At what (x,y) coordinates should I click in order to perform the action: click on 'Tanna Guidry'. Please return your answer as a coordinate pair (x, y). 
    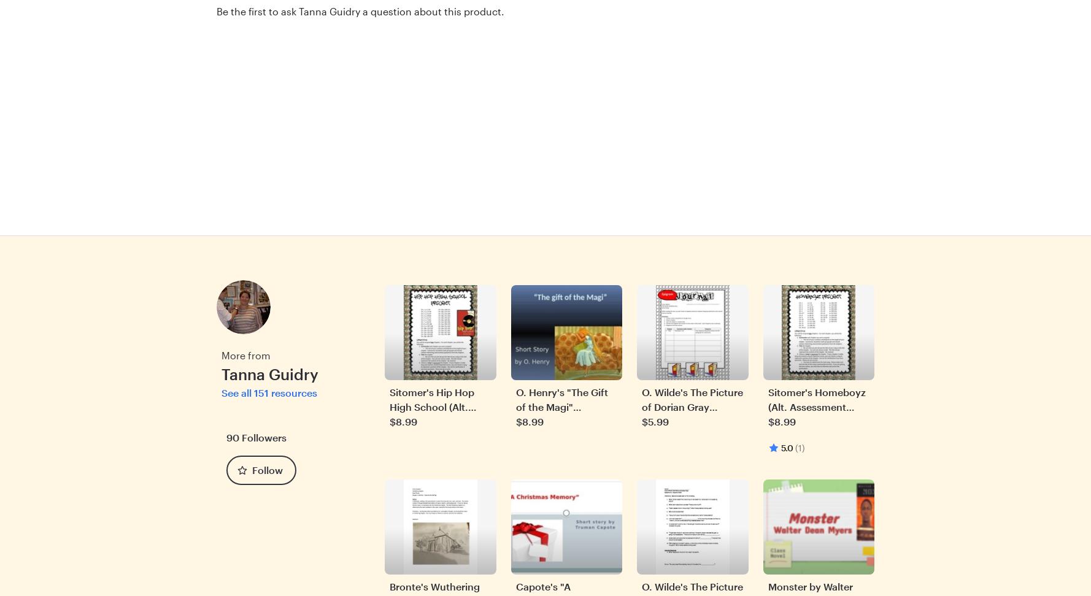
    Looking at the image, I should click on (220, 373).